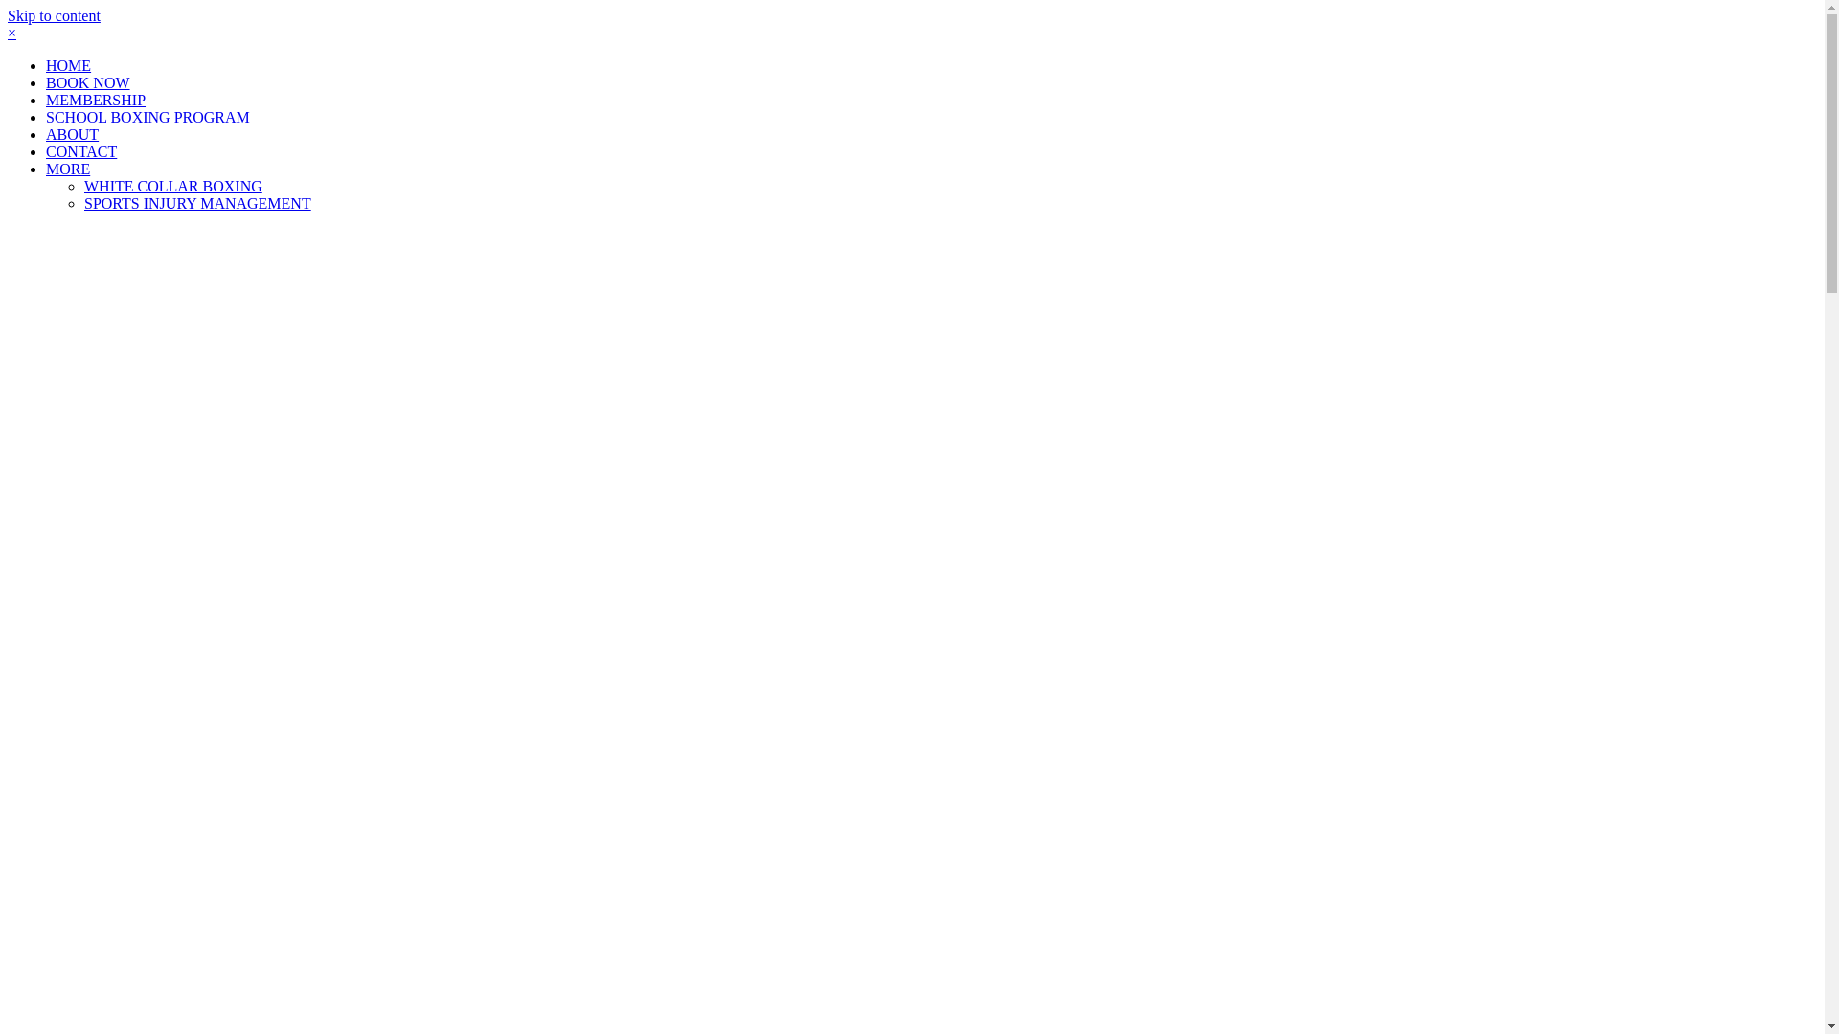 The height and width of the screenshot is (1034, 1839). Describe the element at coordinates (173, 186) in the screenshot. I see `'WHITE COLLAR BOXING'` at that location.